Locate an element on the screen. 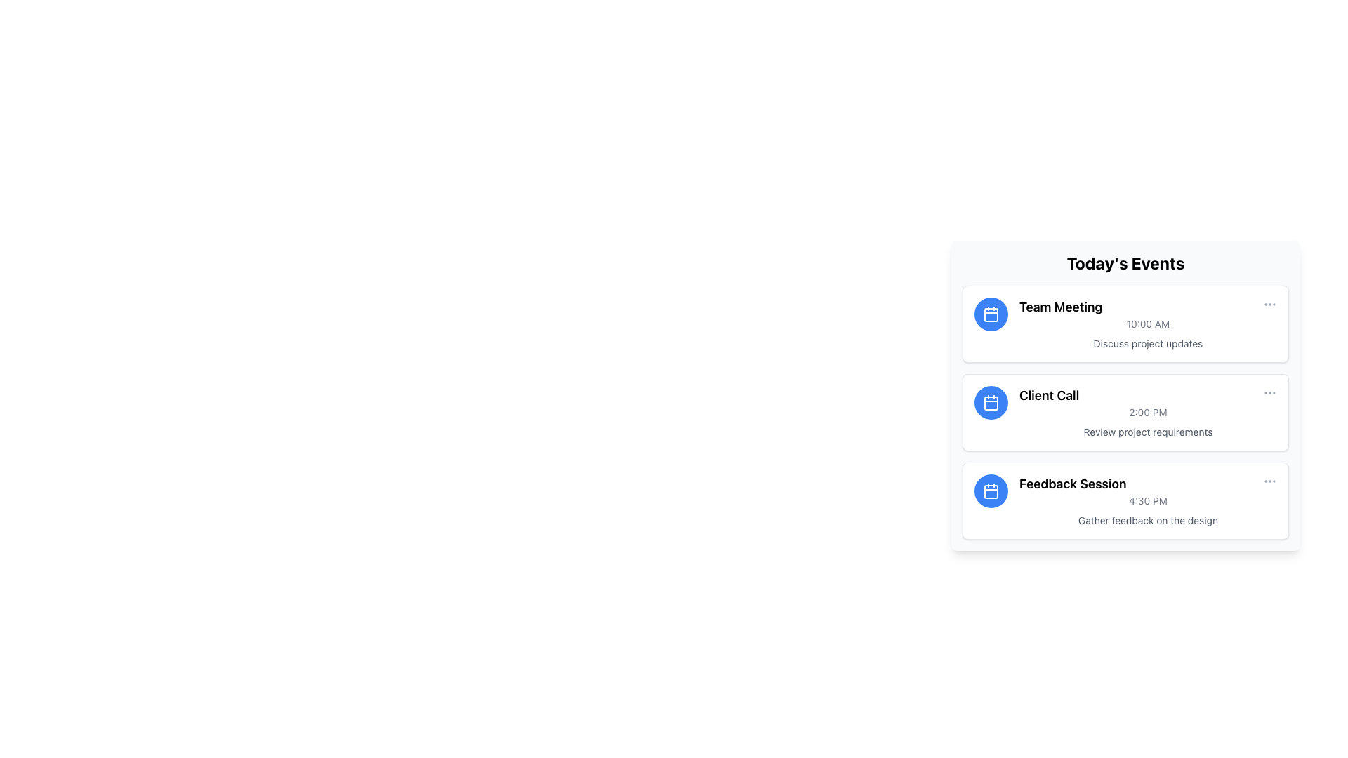  the second interactive three-dot menu button with an SVG icon that launches the context menu for the 'Client Call' event in the 'Today's Events' interface is located at coordinates (1270, 392).